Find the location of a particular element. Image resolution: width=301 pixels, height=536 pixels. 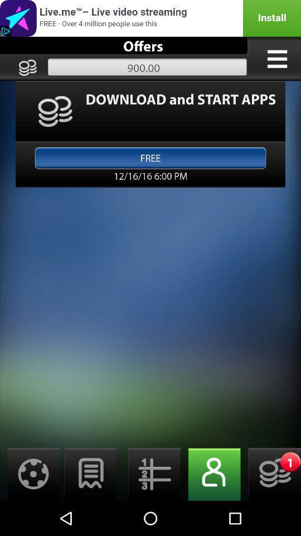

the avatar icon is located at coordinates (211, 508).